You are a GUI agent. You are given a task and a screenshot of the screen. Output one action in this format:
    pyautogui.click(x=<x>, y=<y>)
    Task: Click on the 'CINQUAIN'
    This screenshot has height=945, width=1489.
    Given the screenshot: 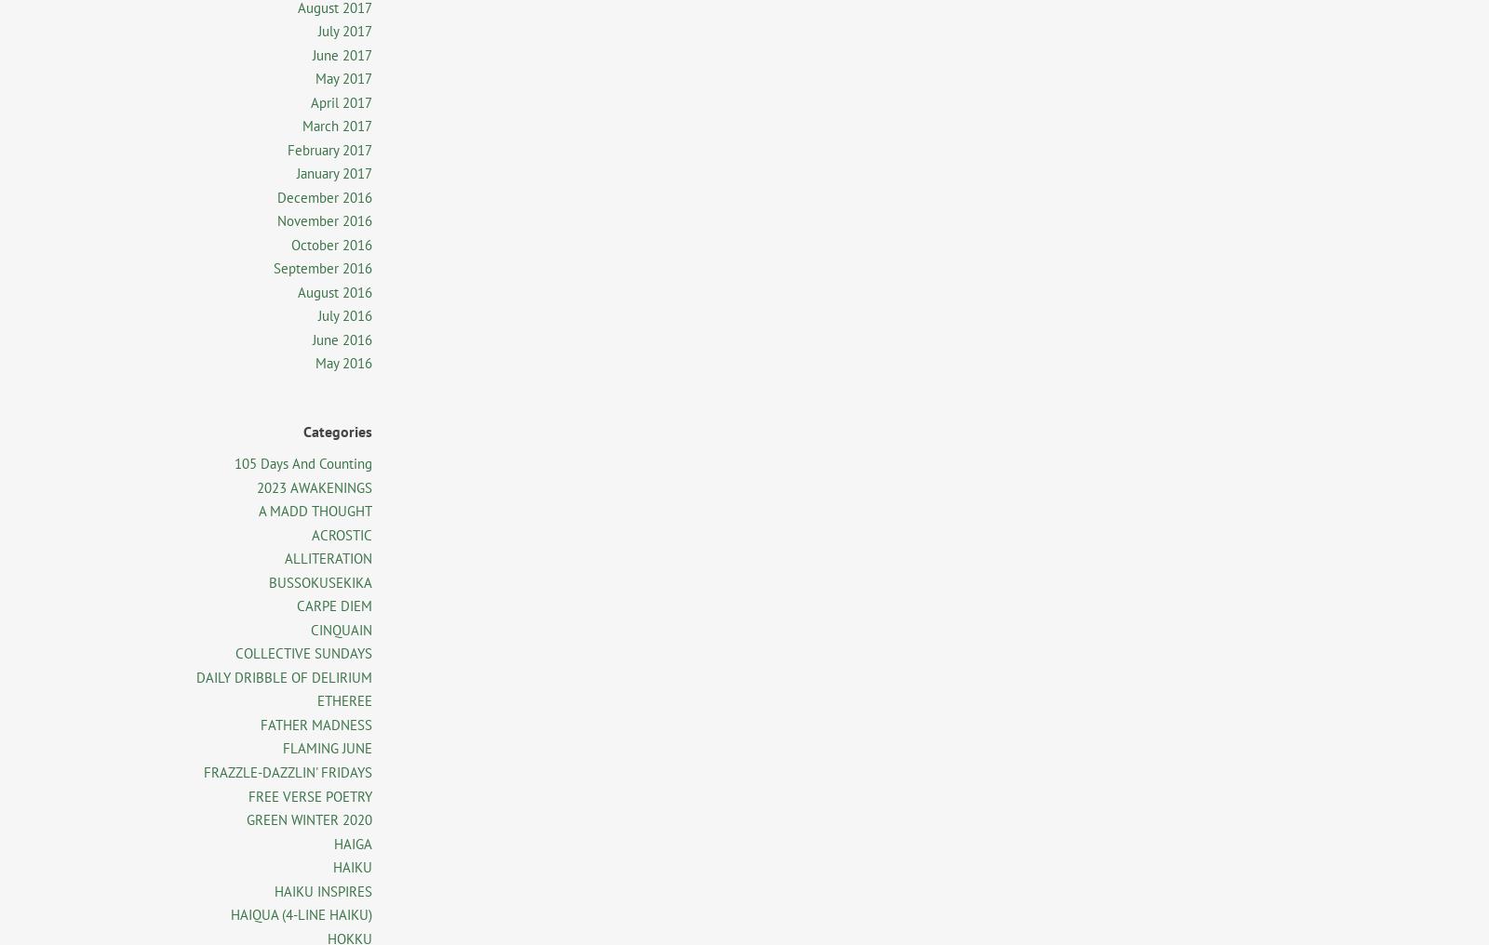 What is the action you would take?
    pyautogui.click(x=342, y=628)
    